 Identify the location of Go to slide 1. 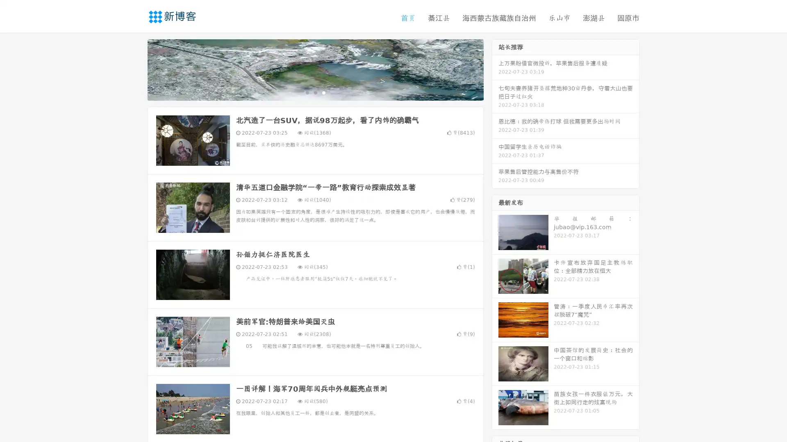
(307, 92).